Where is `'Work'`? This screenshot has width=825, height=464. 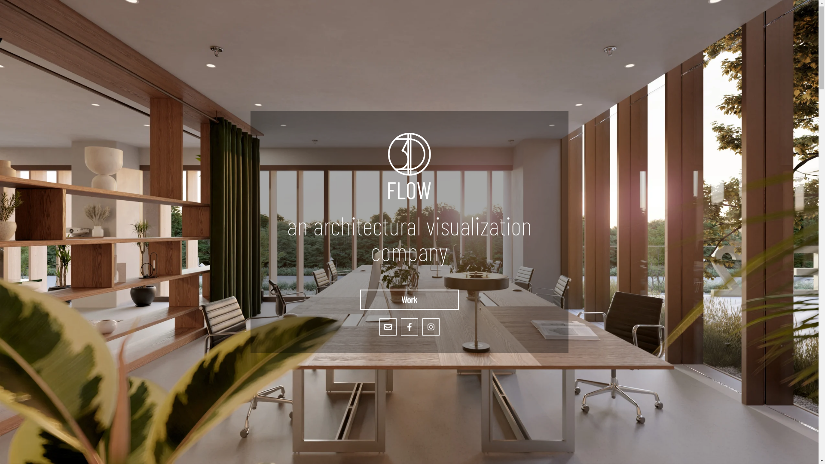
'Work' is located at coordinates (409, 299).